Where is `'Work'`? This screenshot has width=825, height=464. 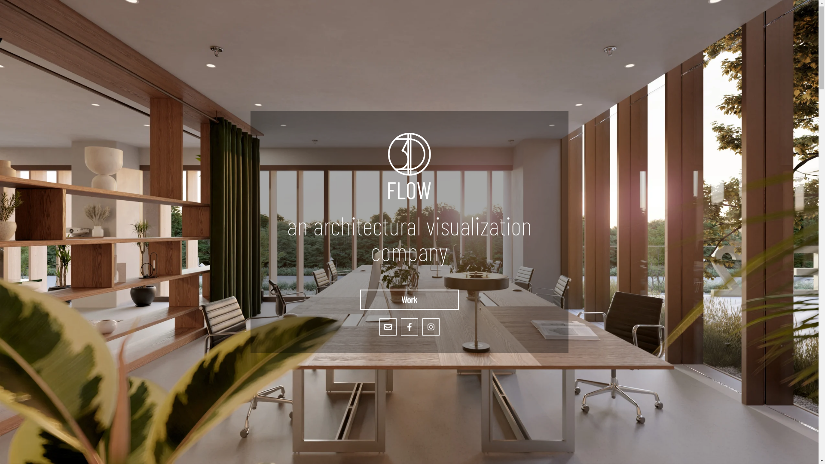
'Work' is located at coordinates (409, 299).